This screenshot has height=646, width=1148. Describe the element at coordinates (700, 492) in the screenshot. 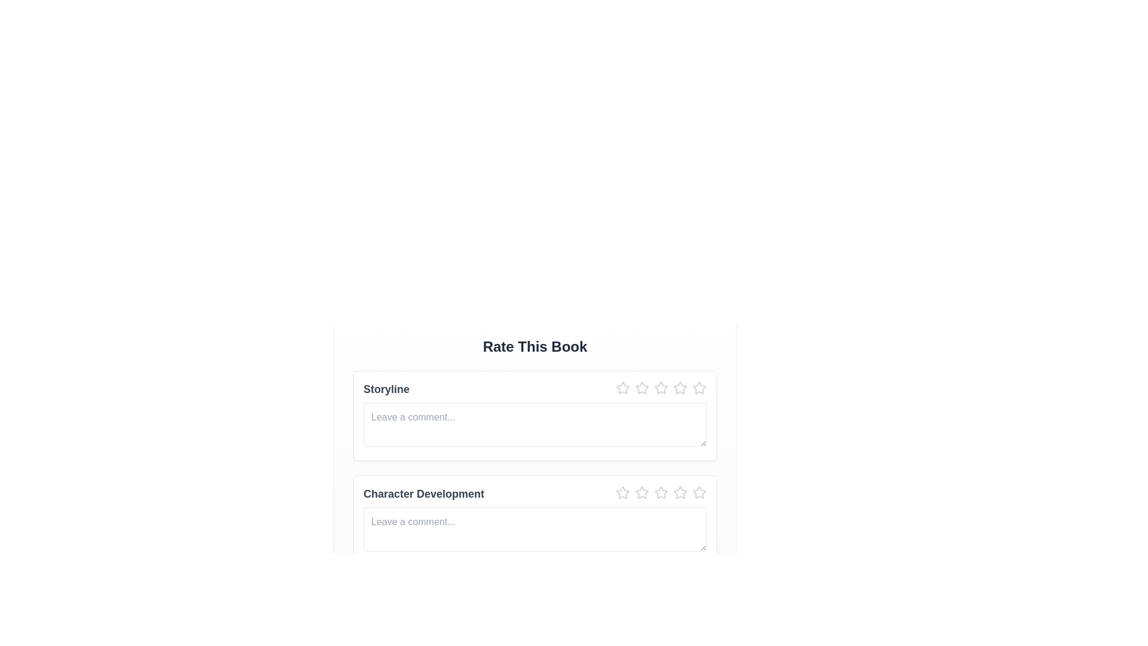

I see `the star-shaped rating icon styled in light gray, located in the rating system next to the 'Character Development' text field` at that location.